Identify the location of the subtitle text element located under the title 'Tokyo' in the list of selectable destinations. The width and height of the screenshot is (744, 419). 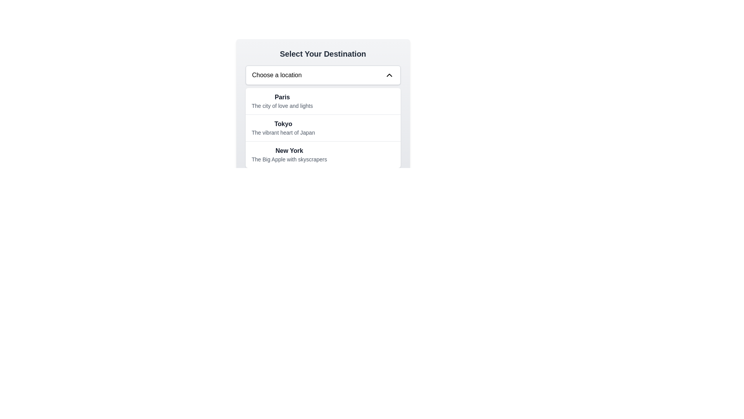
(283, 132).